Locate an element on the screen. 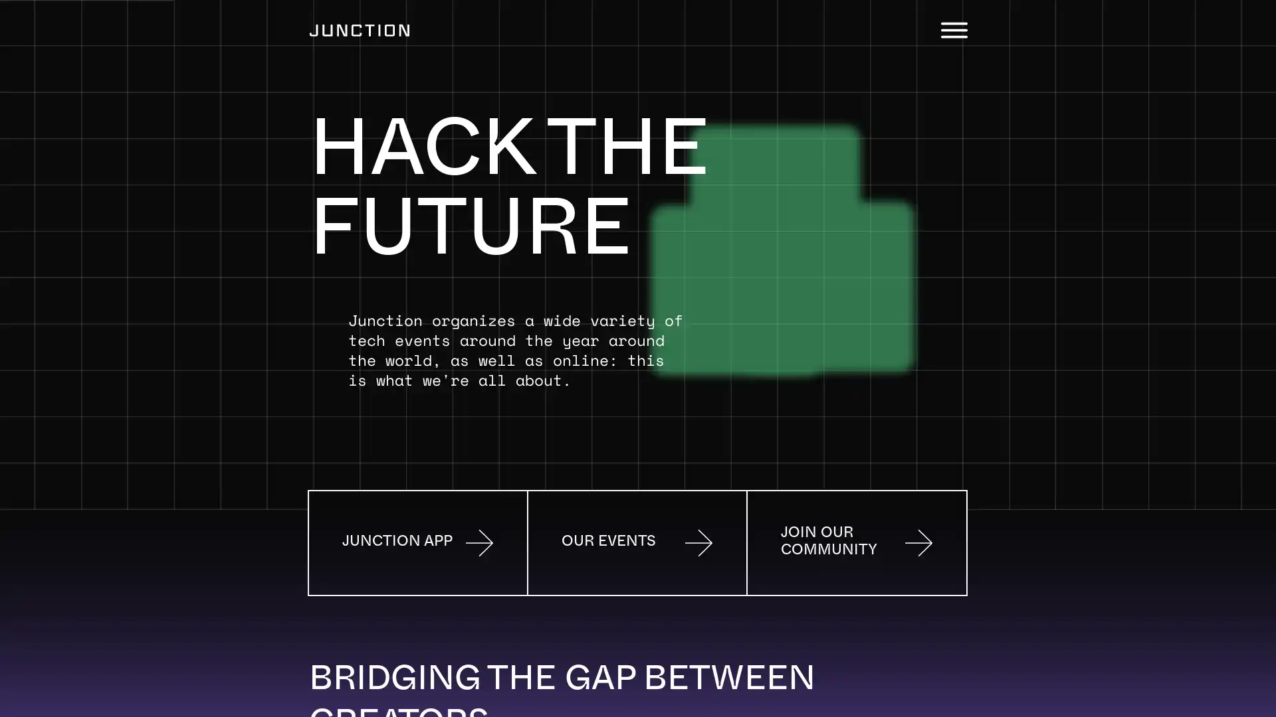 The image size is (1276, 717). Open menu is located at coordinates (953, 30).